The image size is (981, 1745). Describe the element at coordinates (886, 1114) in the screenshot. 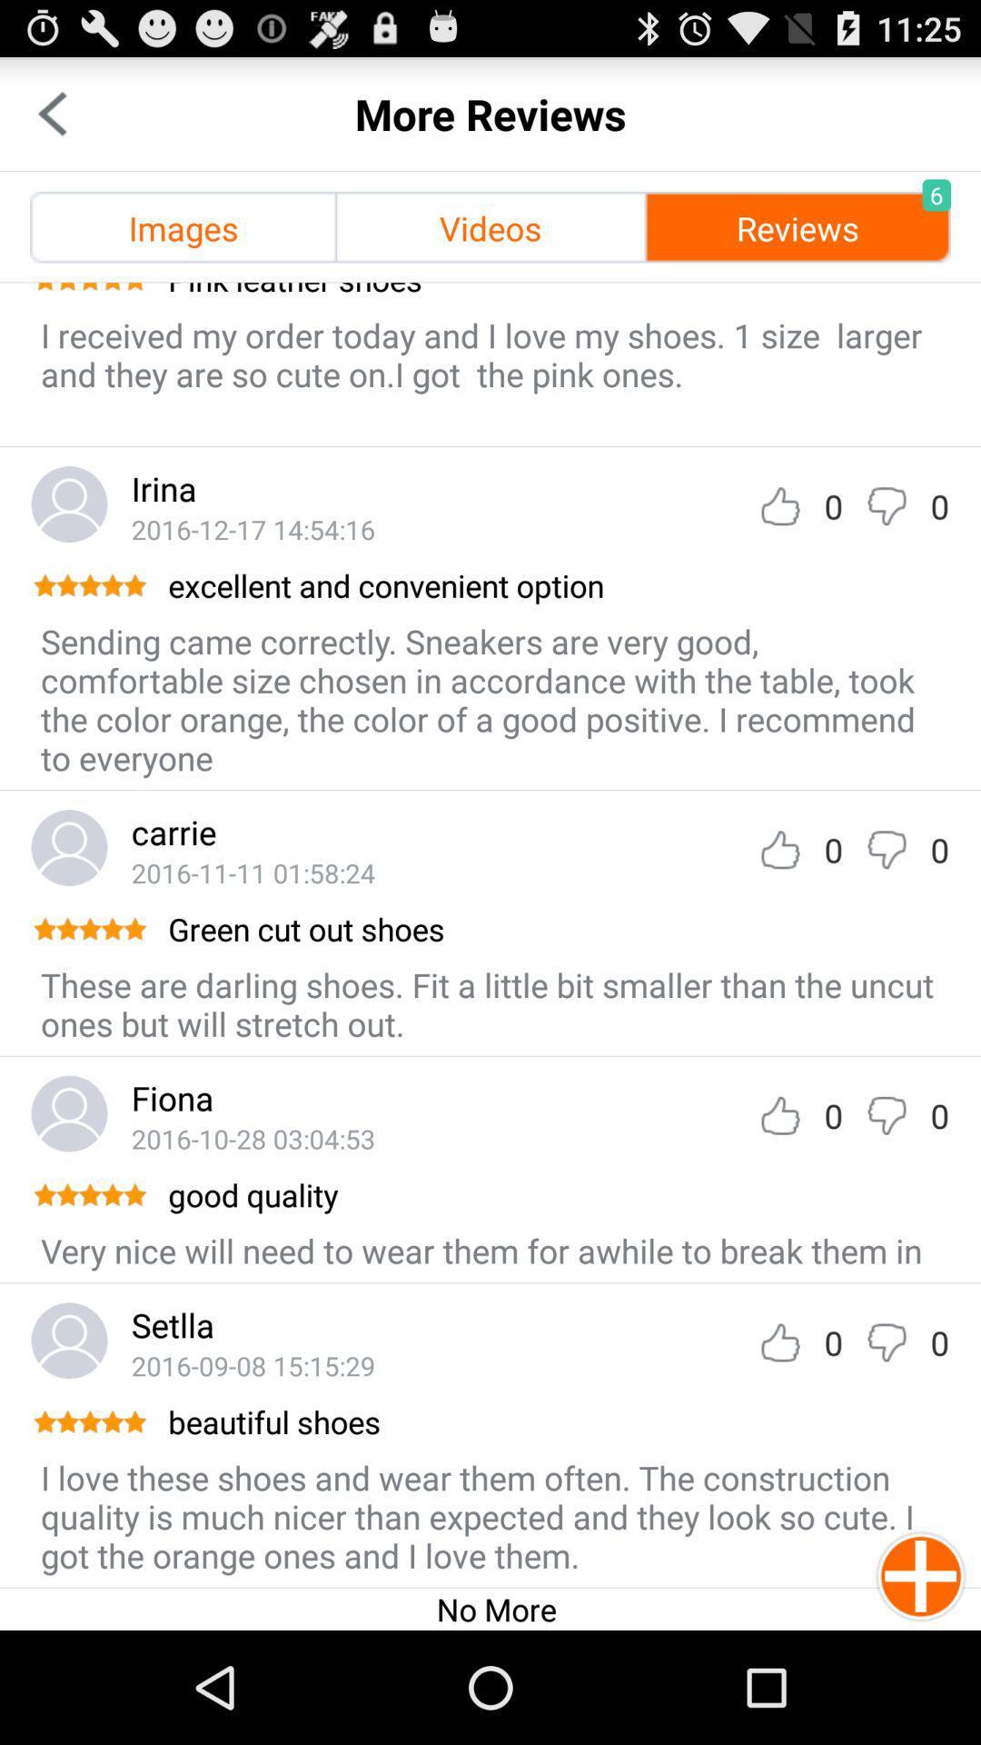

I see `dislike review` at that location.